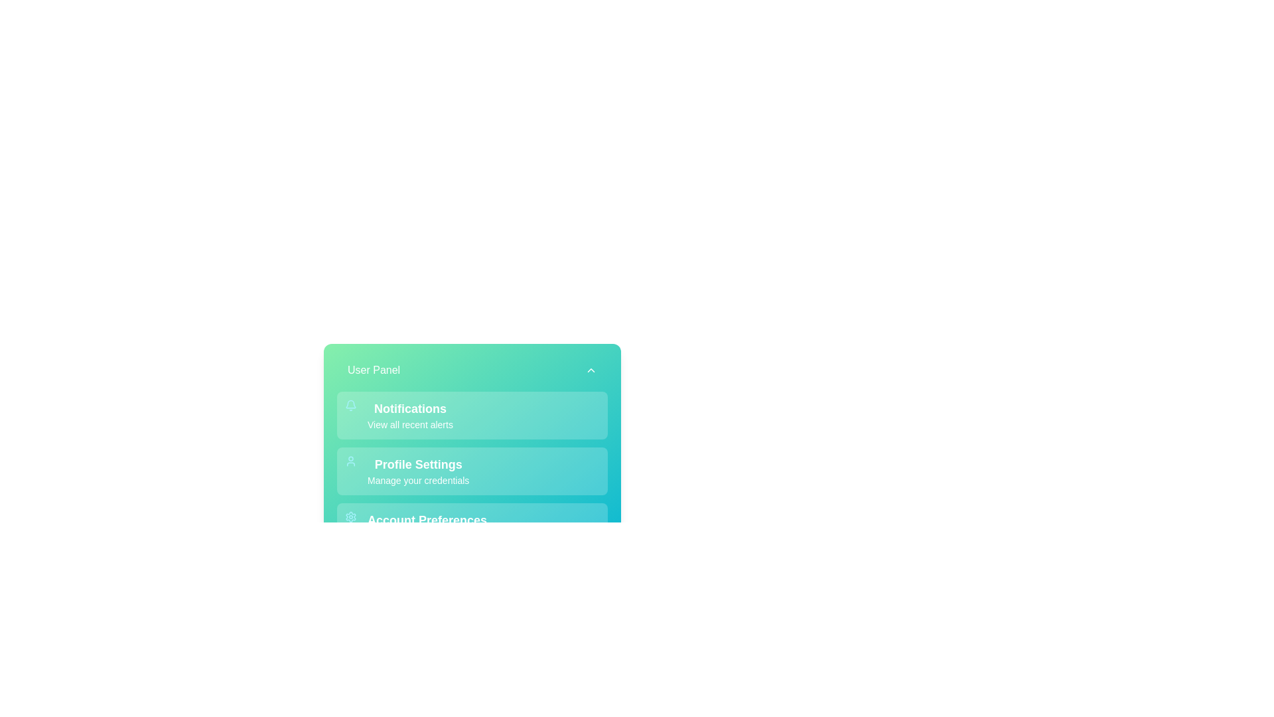  I want to click on the menu item Account Preferences in the UserAccountPanel, so click(472, 526).